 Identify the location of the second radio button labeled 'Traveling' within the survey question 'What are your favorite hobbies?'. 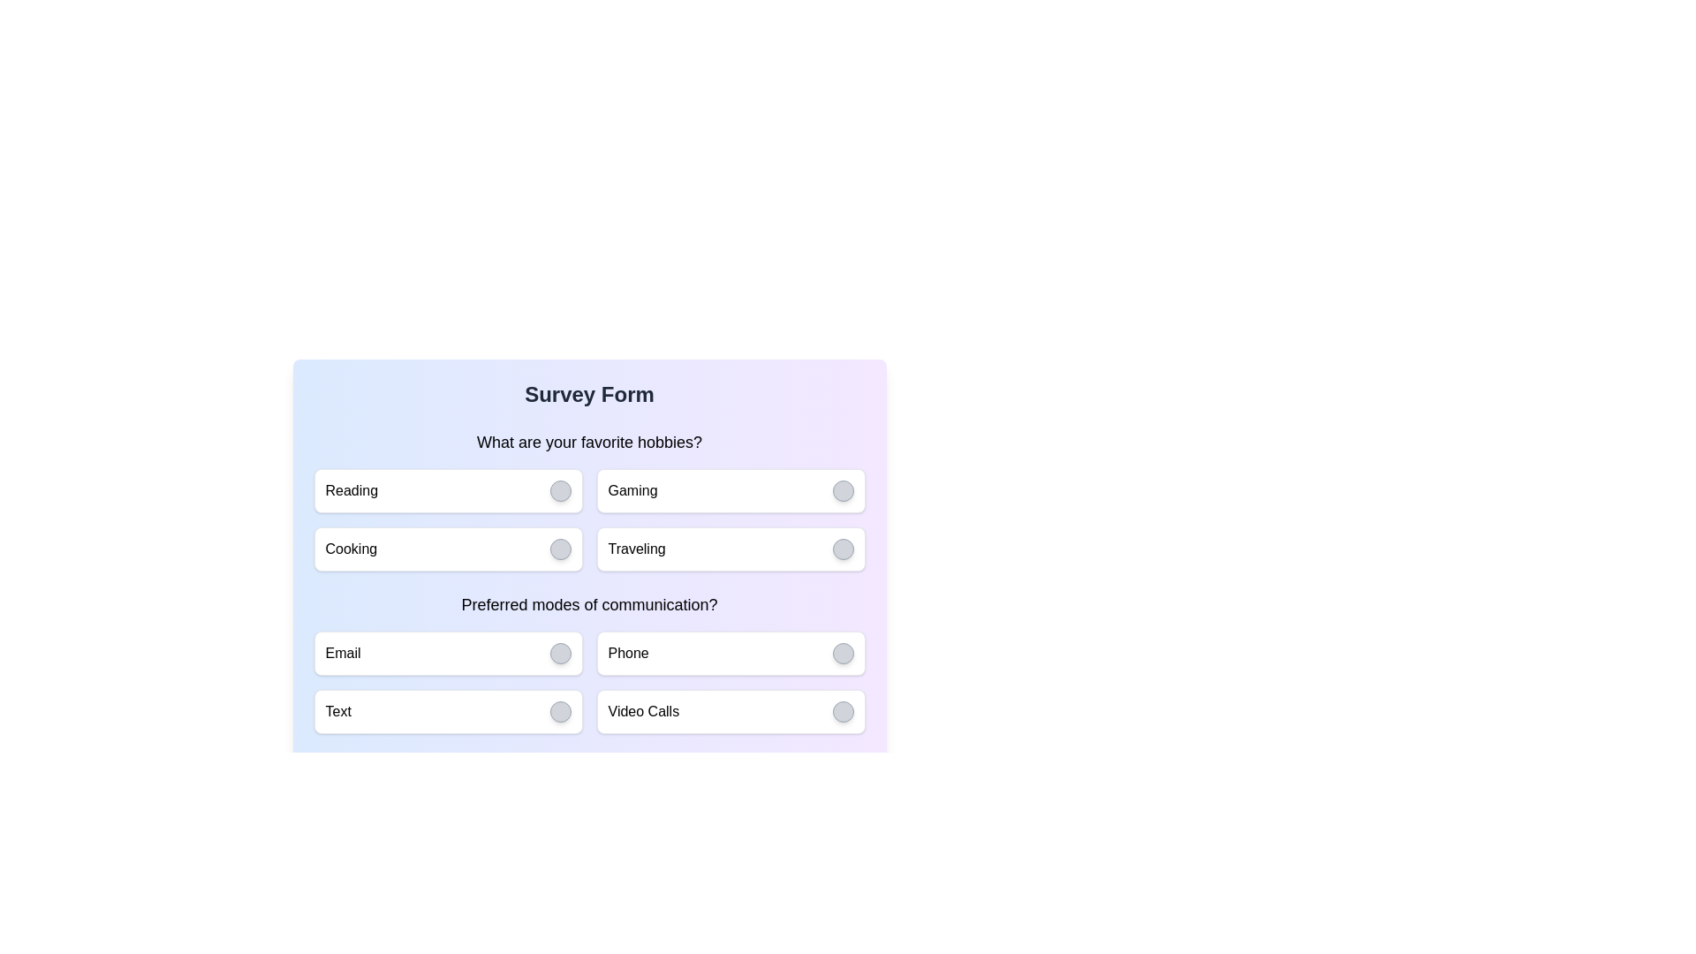
(842, 548).